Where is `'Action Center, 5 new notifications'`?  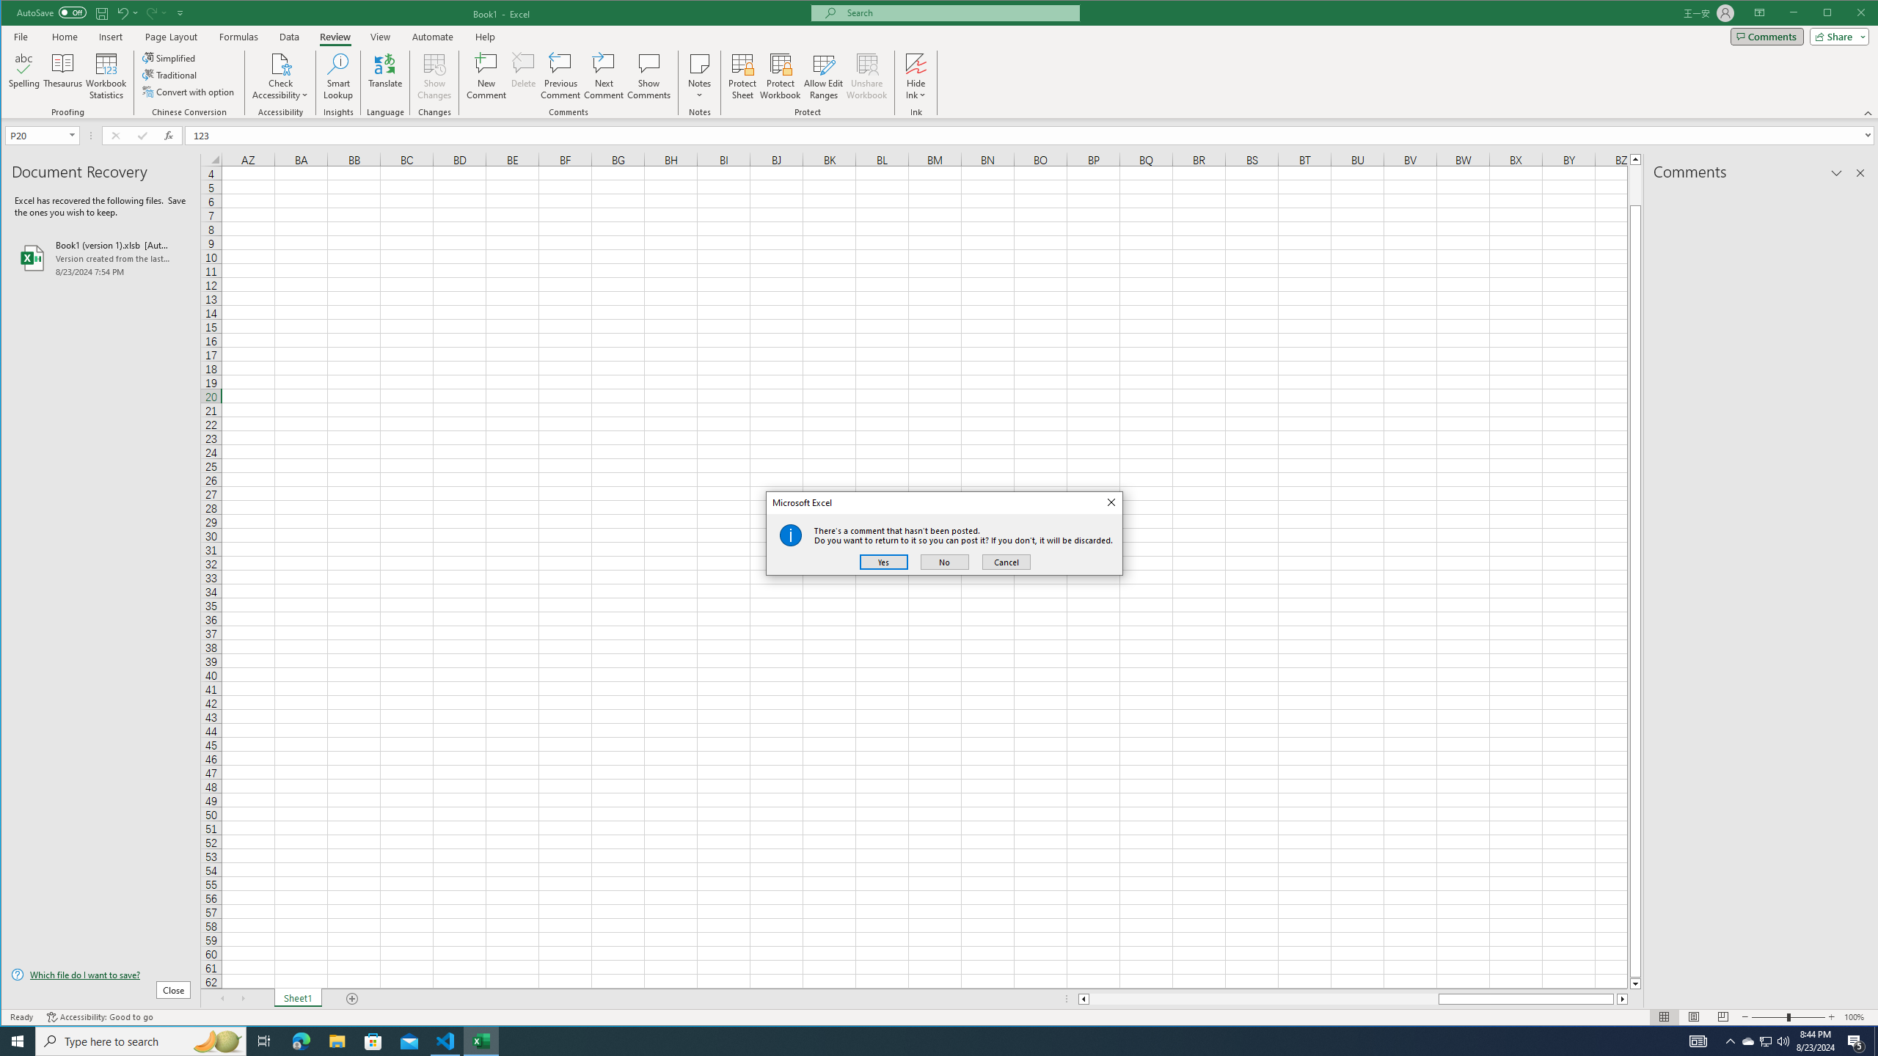
'Action Center, 5 new notifications' is located at coordinates (1856, 1040).